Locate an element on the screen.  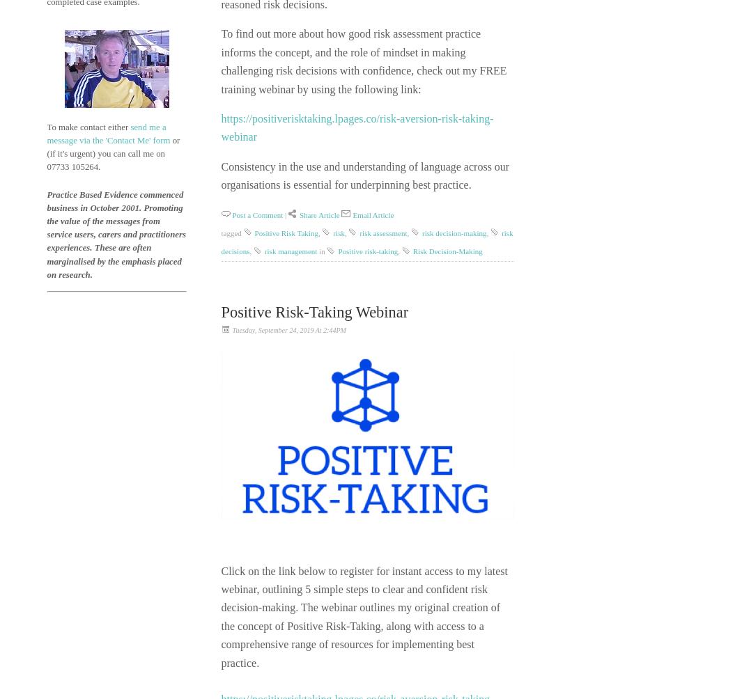
'Click on the link below to register for instant access to my latest webinar, outlining 5 simple steps to clear and confident risk decision-making. The webinar outlines my original creation of the concept of' is located at coordinates (364, 598).